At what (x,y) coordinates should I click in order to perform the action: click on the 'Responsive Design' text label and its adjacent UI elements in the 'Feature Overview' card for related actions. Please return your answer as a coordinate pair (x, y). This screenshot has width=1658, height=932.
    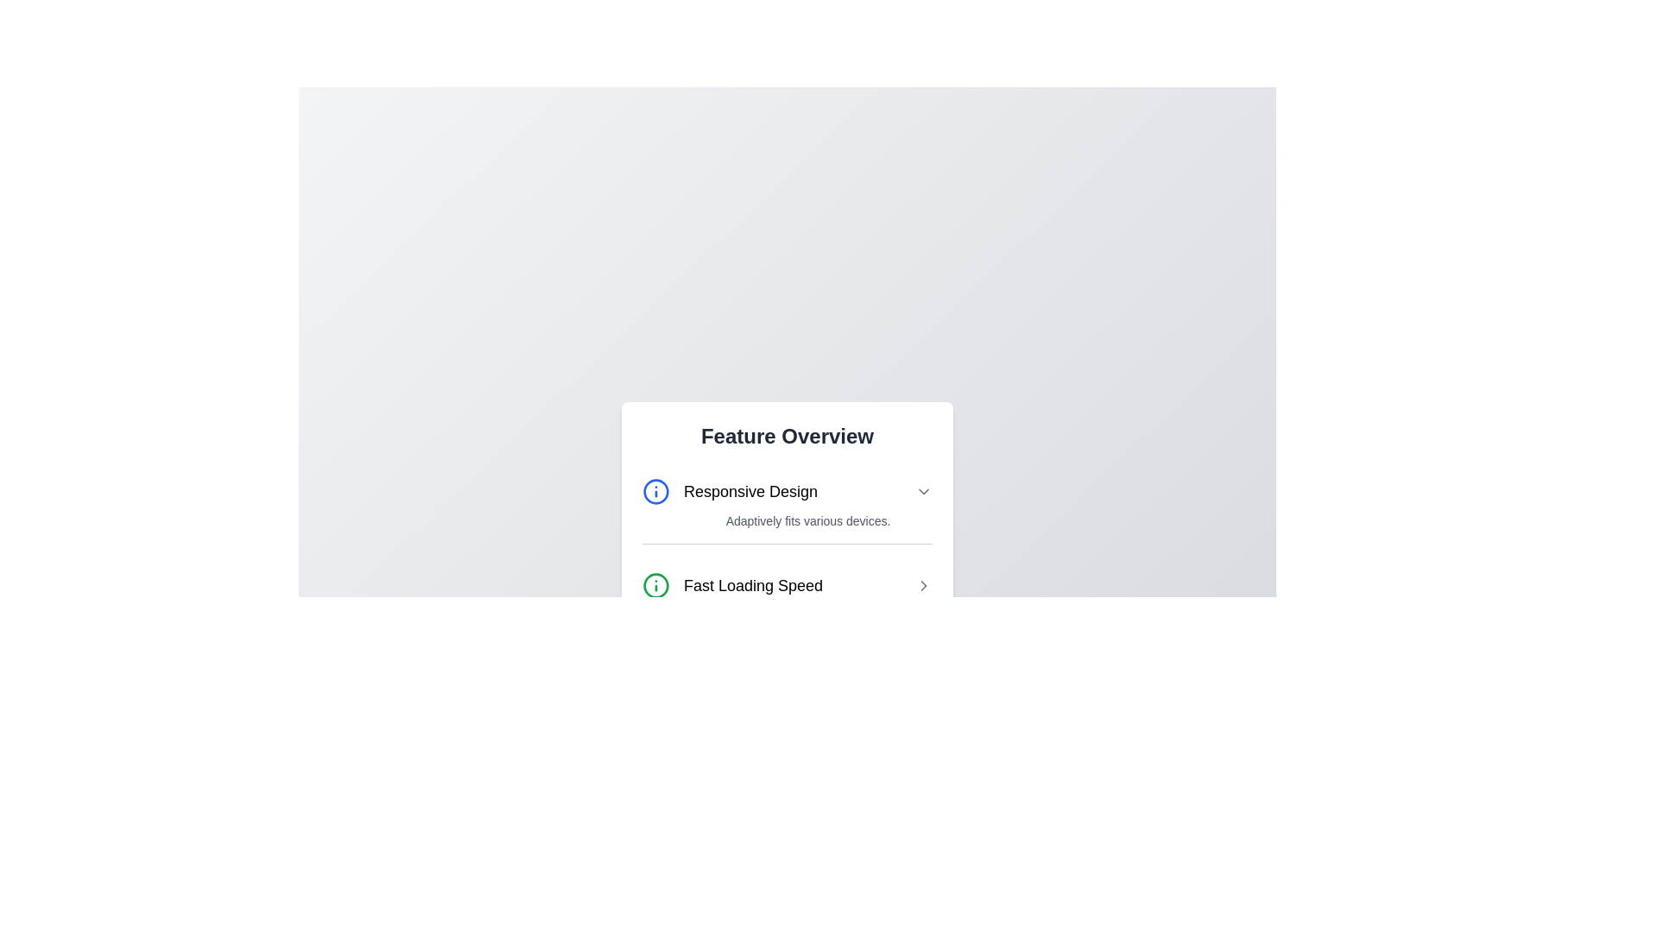
    Looking at the image, I should click on (730, 491).